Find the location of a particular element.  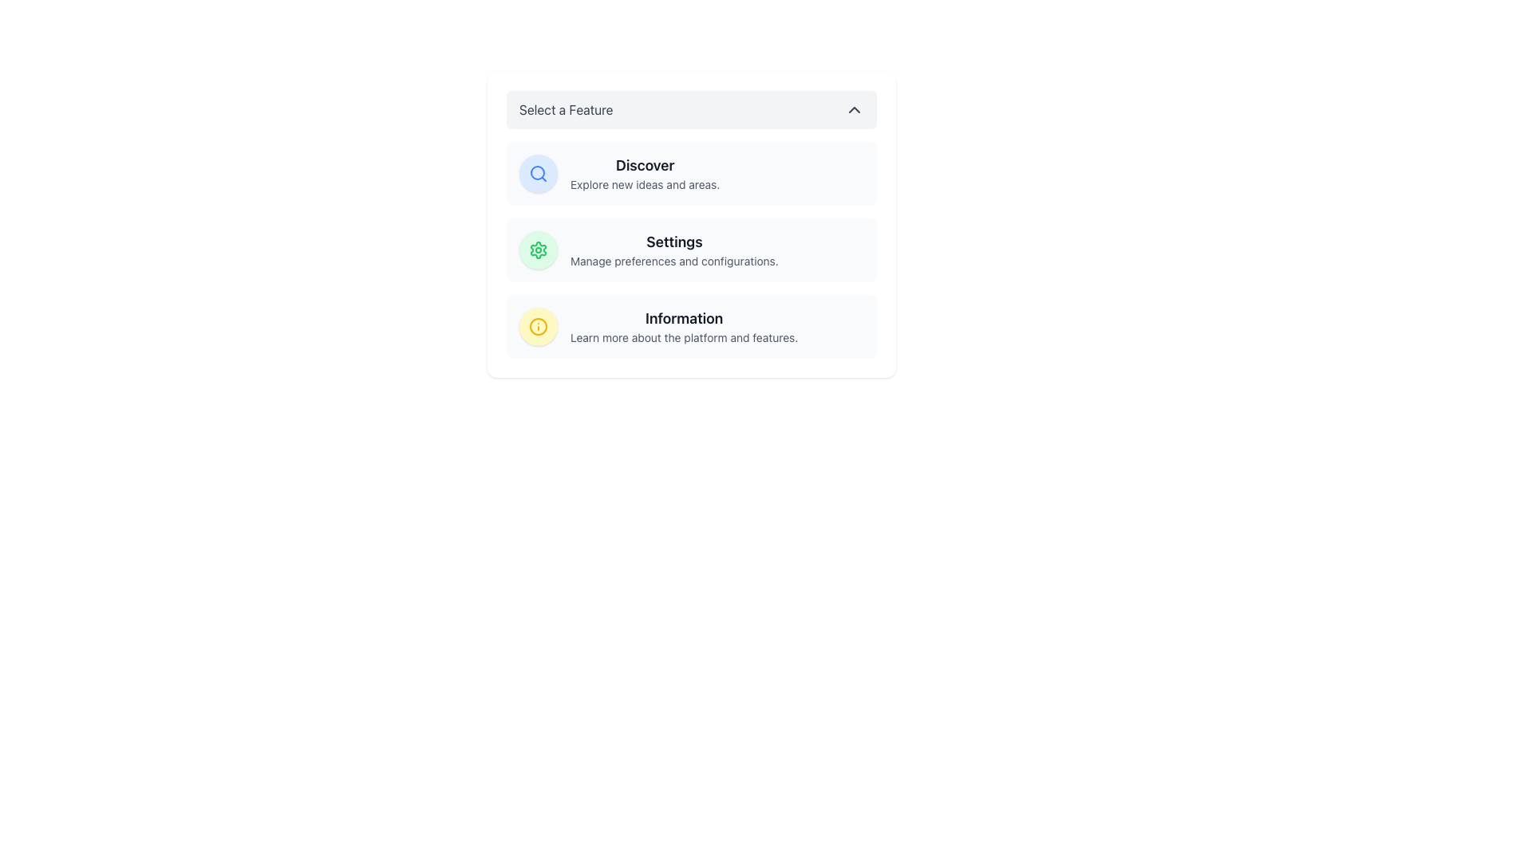

the blue circular icon with a magnifying glass symbol, located to the left of the 'Discover' label in the topmost option group is located at coordinates (539, 174).